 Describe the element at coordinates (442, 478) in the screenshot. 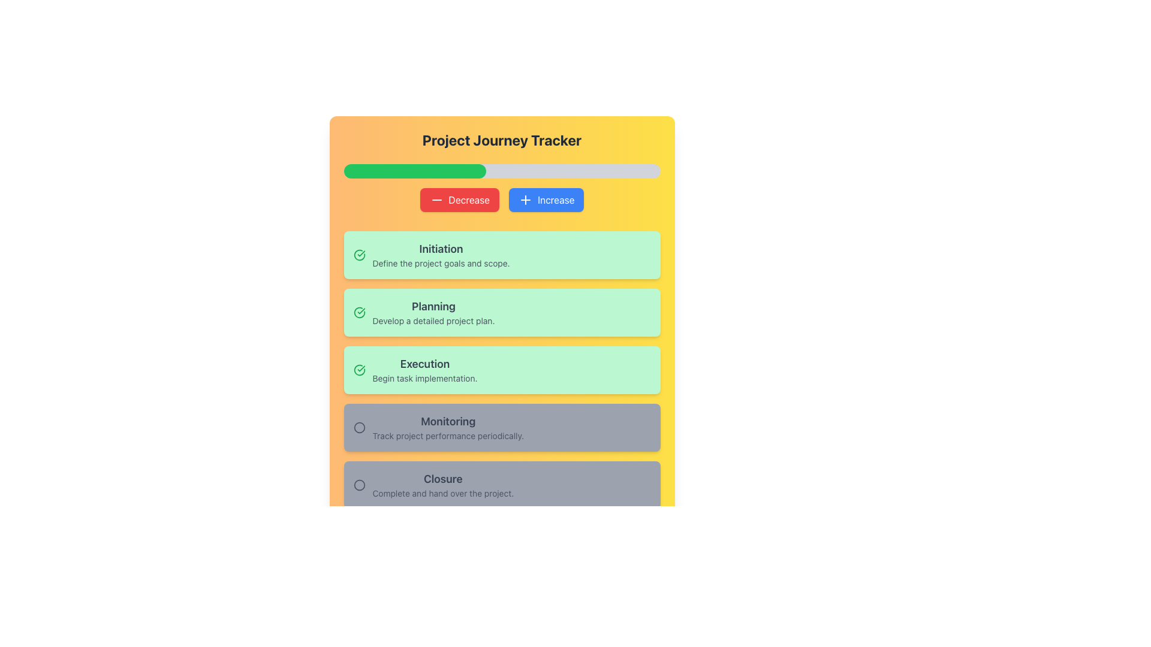

I see `text from the label element that provides a title for the 'Closure' section in the 'Project Journey Tracker'` at that location.